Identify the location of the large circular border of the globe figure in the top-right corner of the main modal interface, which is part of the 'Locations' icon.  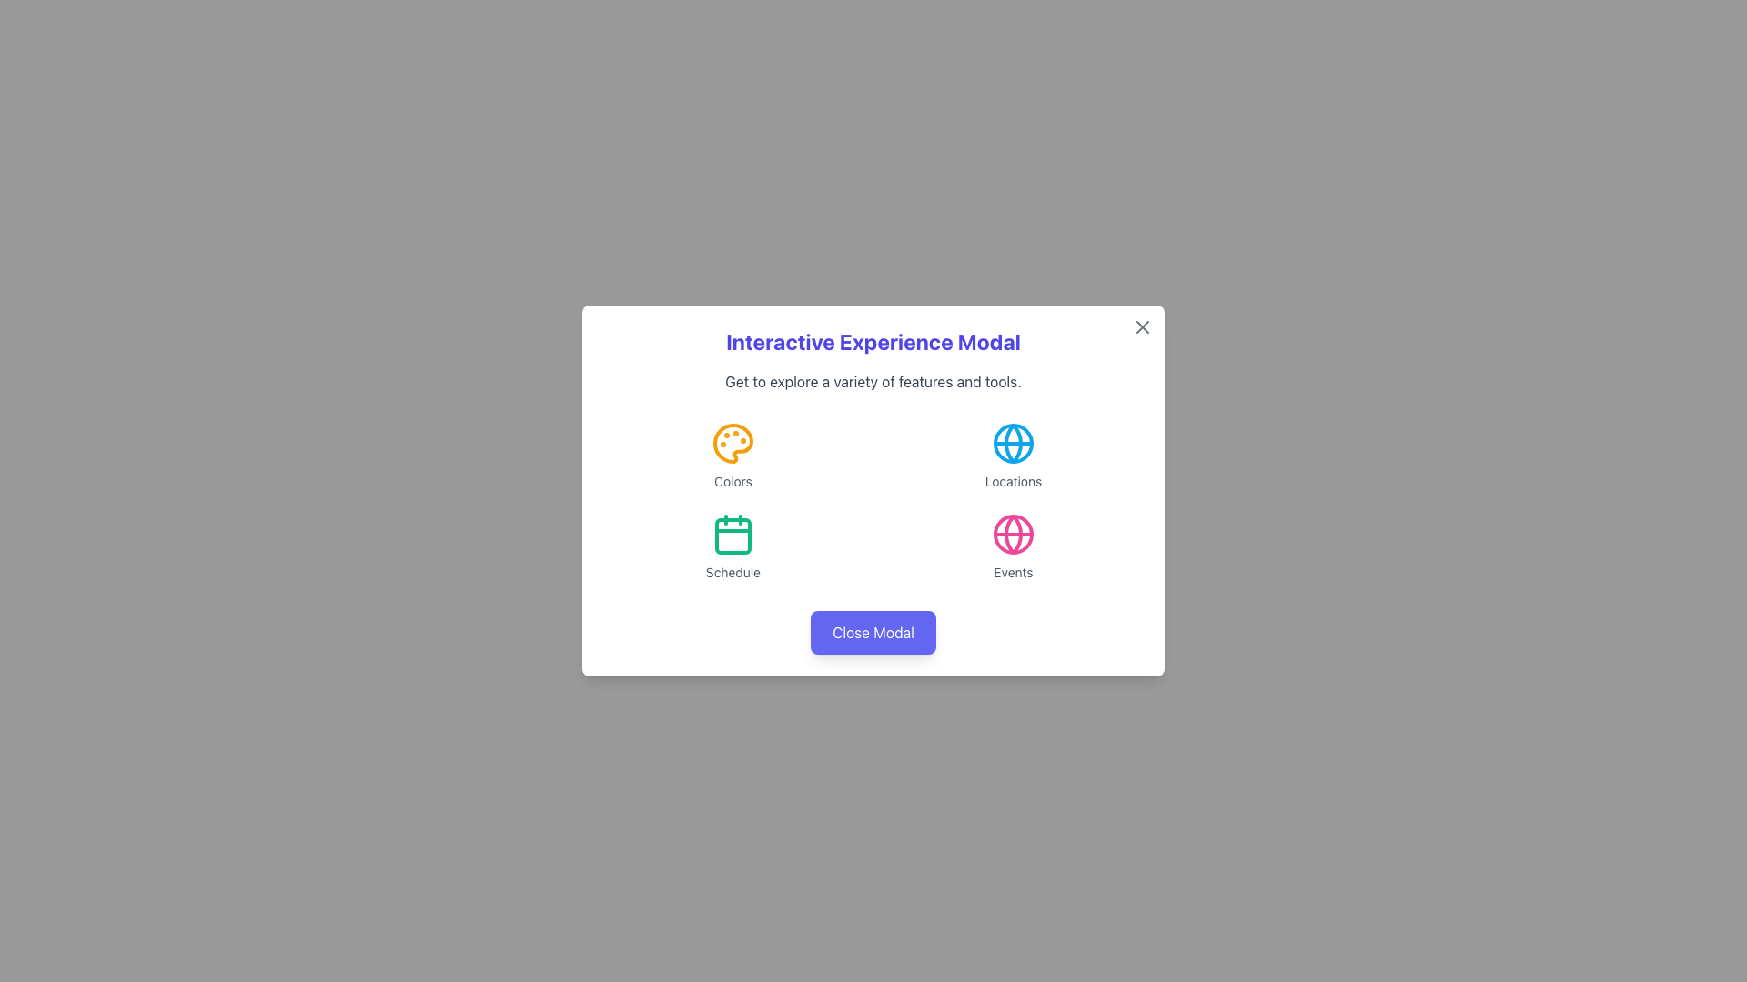
(1012, 444).